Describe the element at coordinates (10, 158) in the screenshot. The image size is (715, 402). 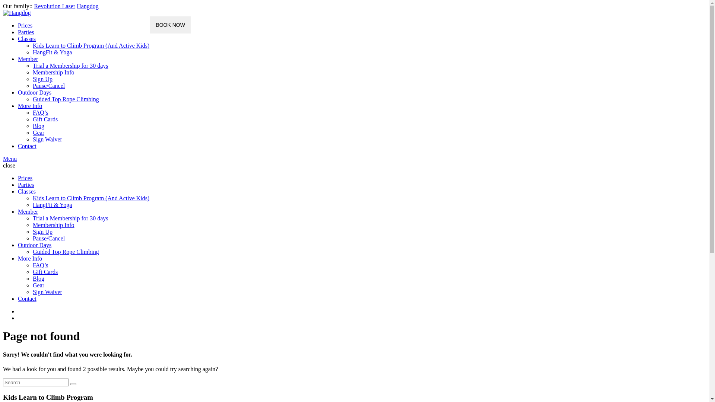
I see `'Menu'` at that location.